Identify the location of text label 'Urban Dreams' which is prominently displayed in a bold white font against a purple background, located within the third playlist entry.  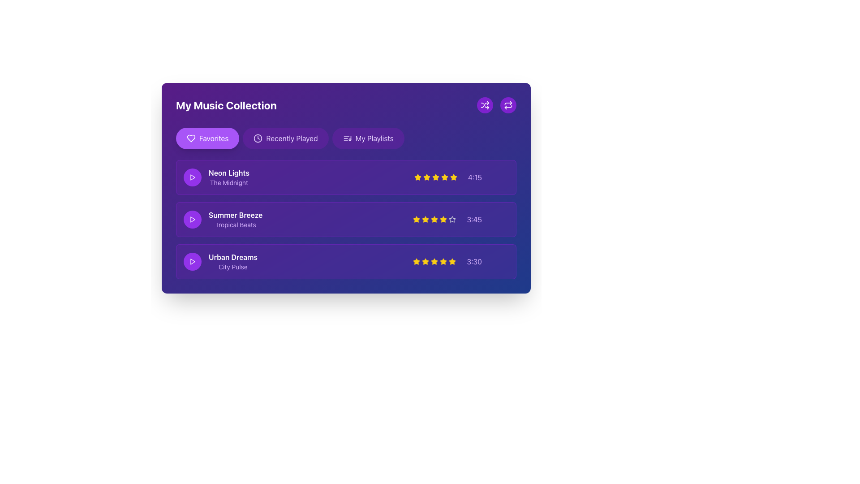
(233, 257).